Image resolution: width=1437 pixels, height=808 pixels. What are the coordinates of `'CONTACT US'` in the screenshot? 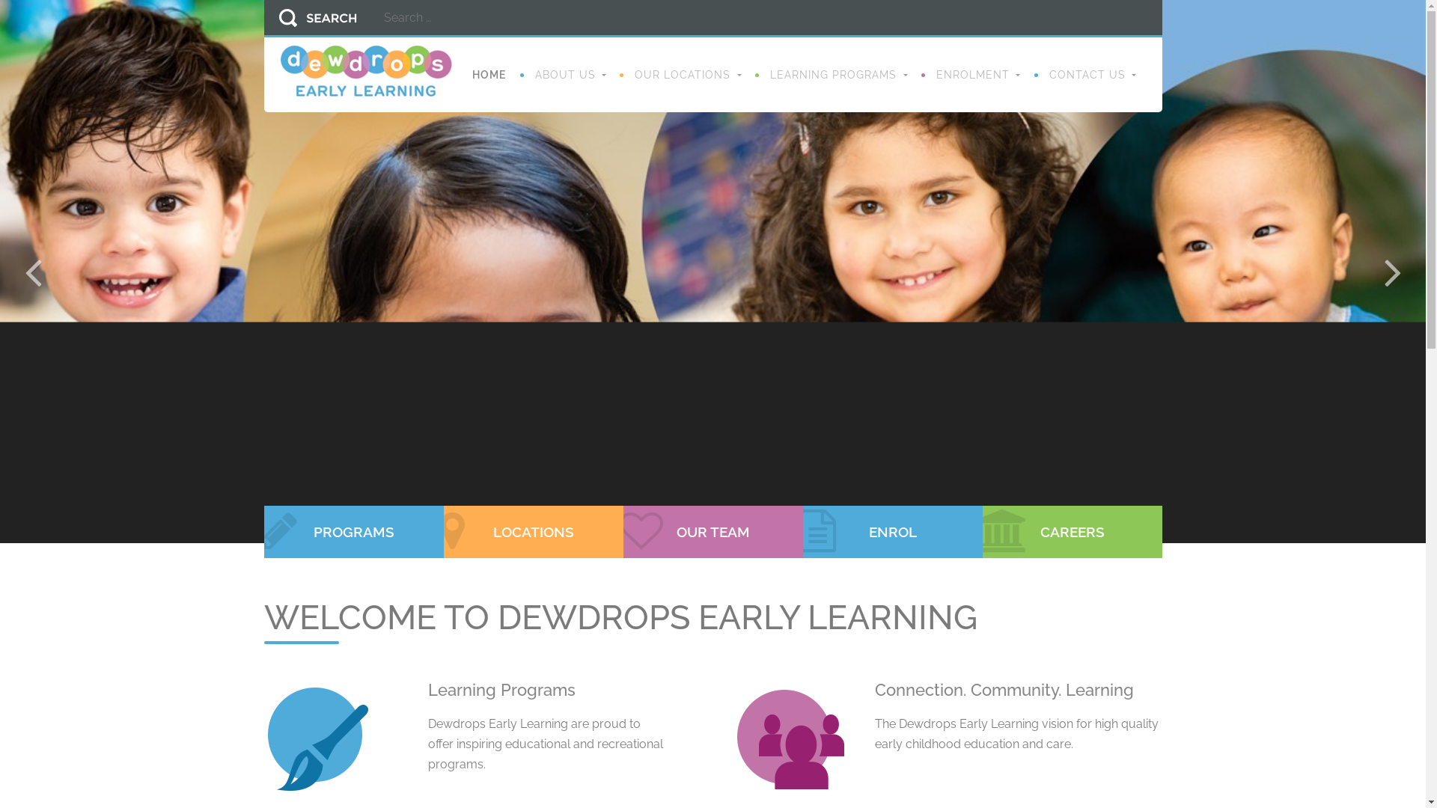 It's located at (1092, 75).